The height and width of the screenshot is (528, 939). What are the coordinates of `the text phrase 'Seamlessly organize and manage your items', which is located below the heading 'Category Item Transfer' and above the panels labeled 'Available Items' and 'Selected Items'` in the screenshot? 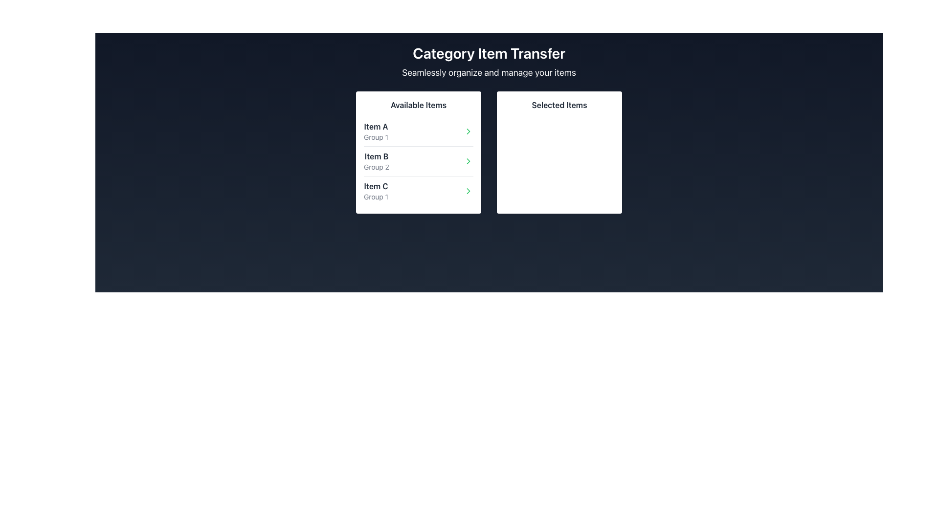 It's located at (489, 72).